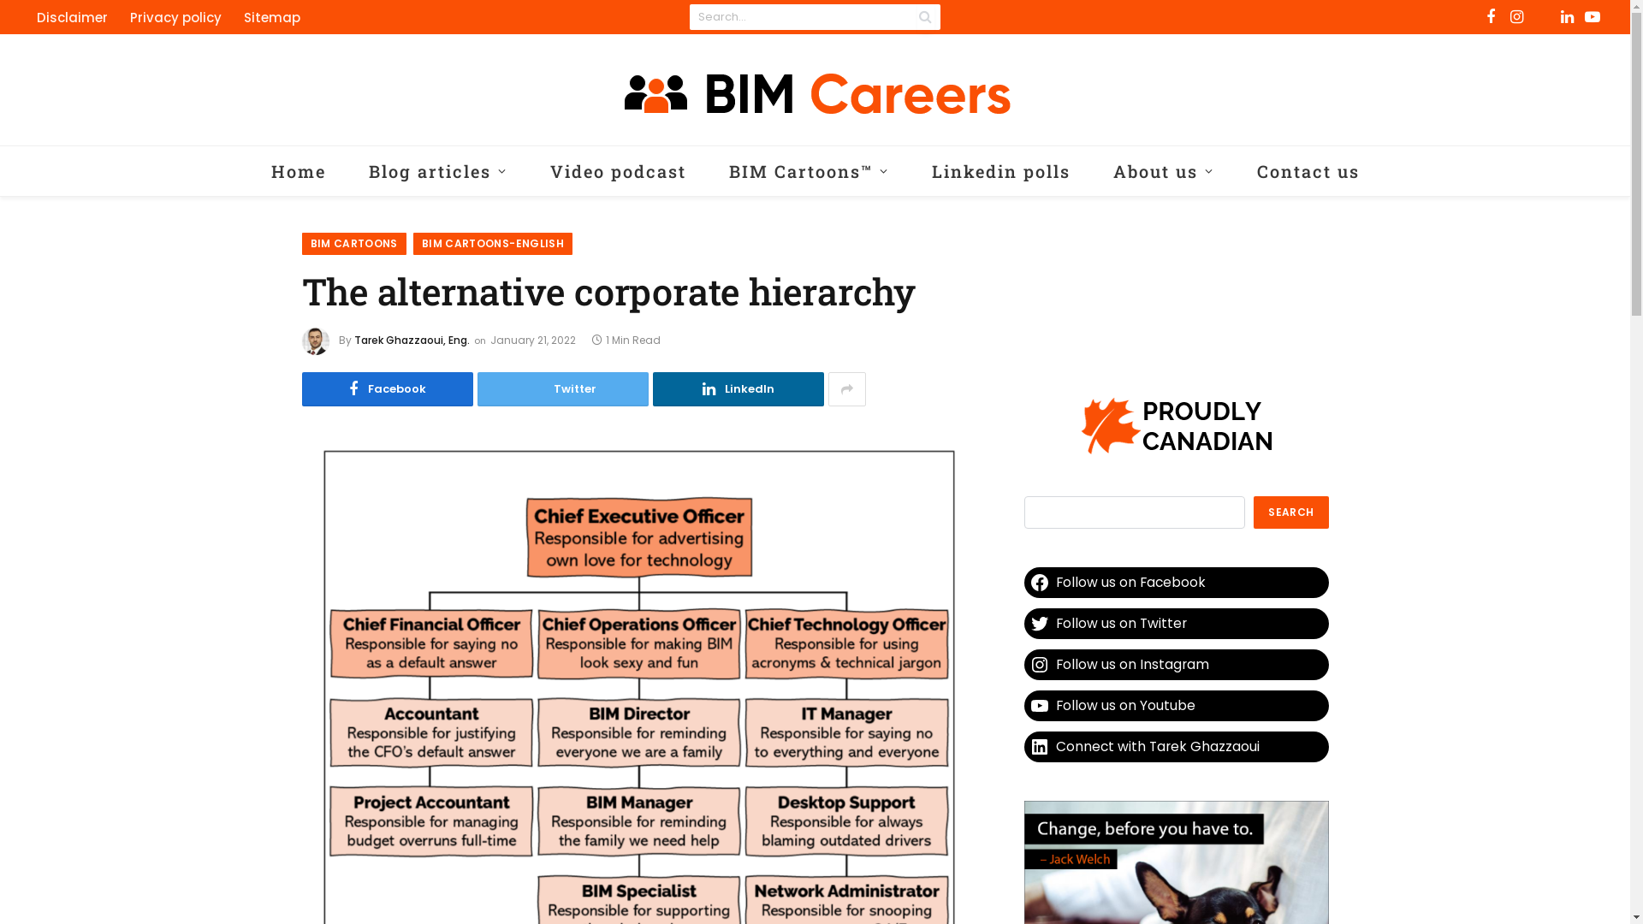  Describe the element at coordinates (492, 244) in the screenshot. I see `'BIM CARTOONS-ENGLISH'` at that location.